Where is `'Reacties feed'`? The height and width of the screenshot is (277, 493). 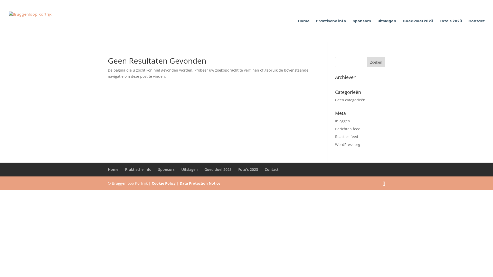
'Reacties feed' is located at coordinates (346, 136).